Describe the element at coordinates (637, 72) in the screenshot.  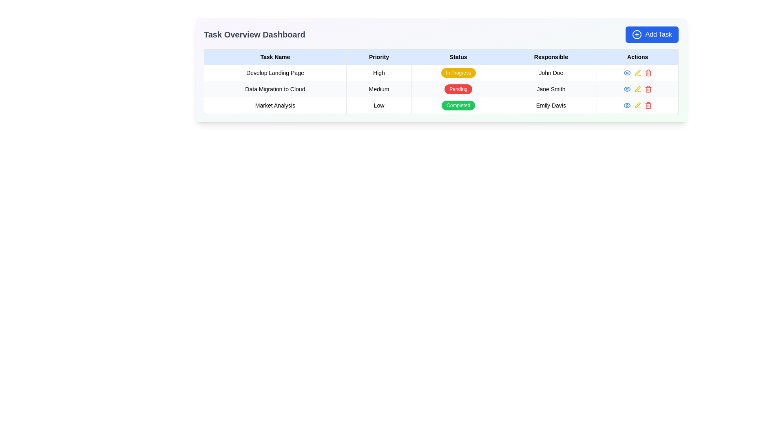
I see `the Edit icon button located in the 'Actions' column` at that location.